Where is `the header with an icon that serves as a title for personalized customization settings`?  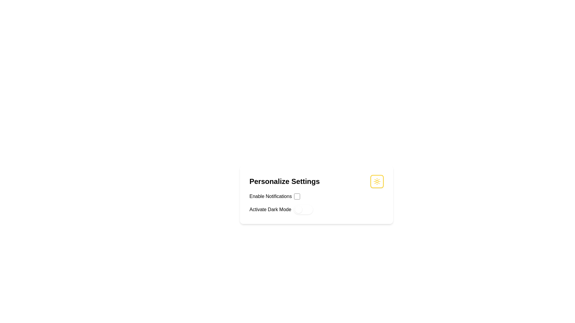
the header with an icon that serves as a title for personalized customization settings is located at coordinates (316, 181).